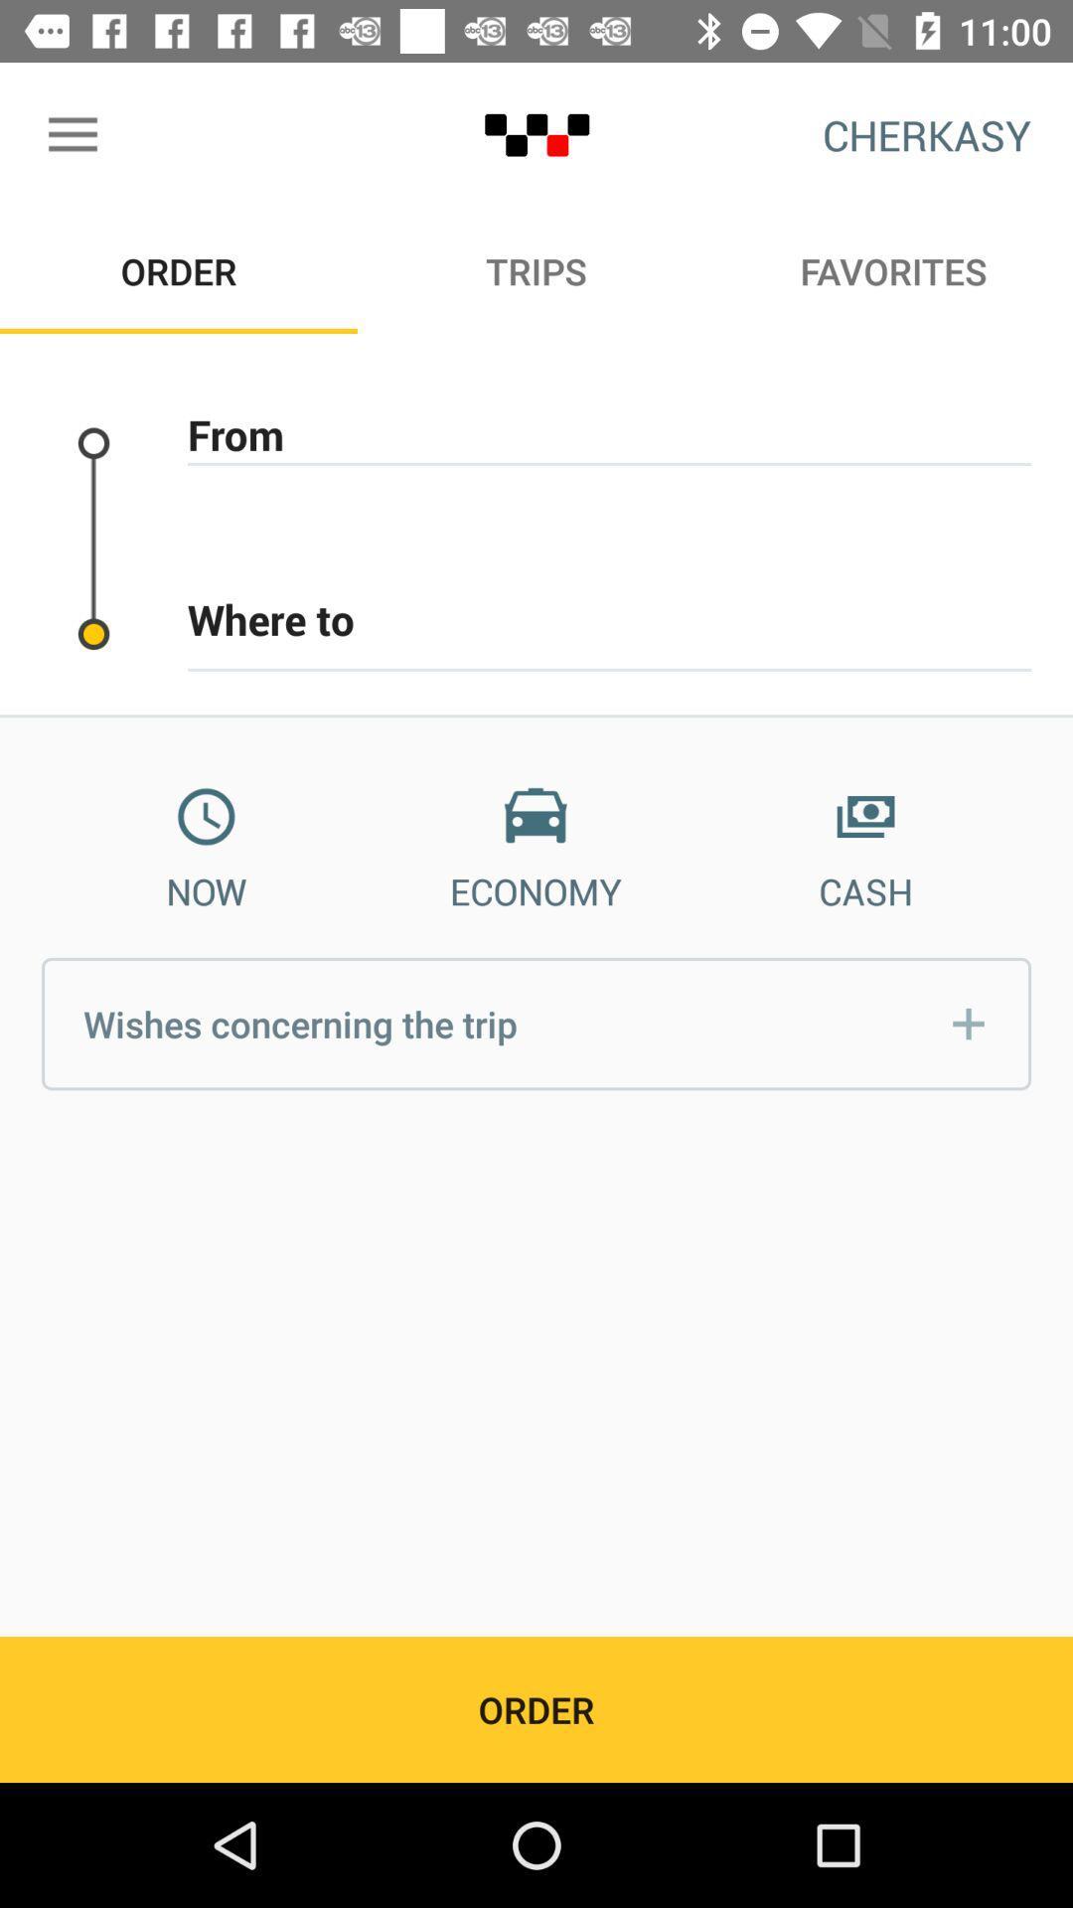 The image size is (1073, 1908). I want to click on cherkasy icon, so click(927, 134).